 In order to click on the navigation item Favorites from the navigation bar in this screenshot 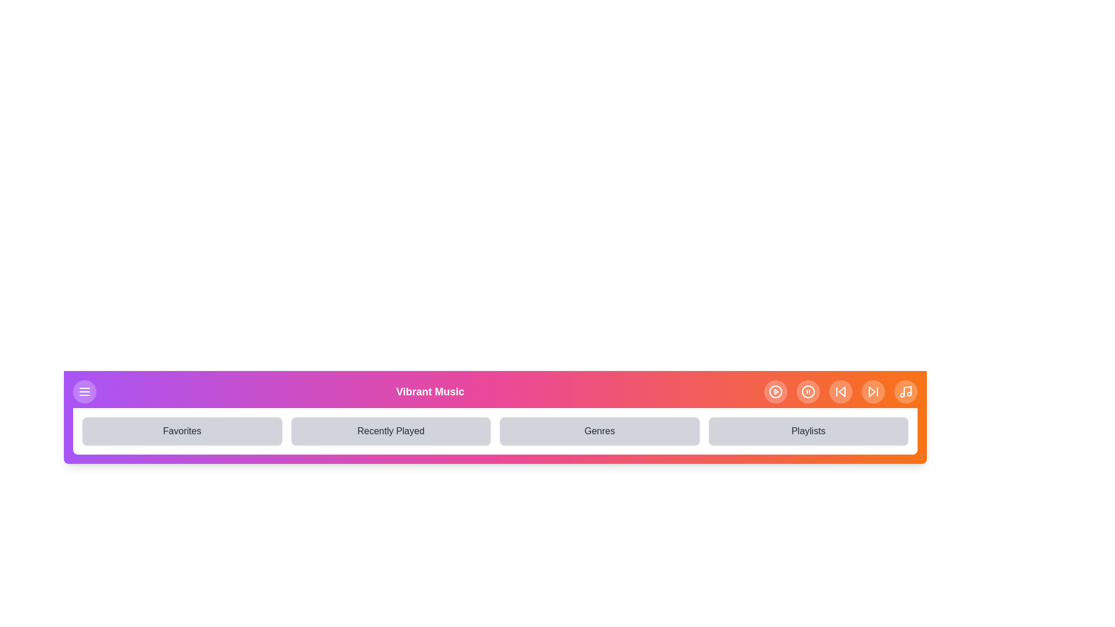, I will do `click(181, 431)`.